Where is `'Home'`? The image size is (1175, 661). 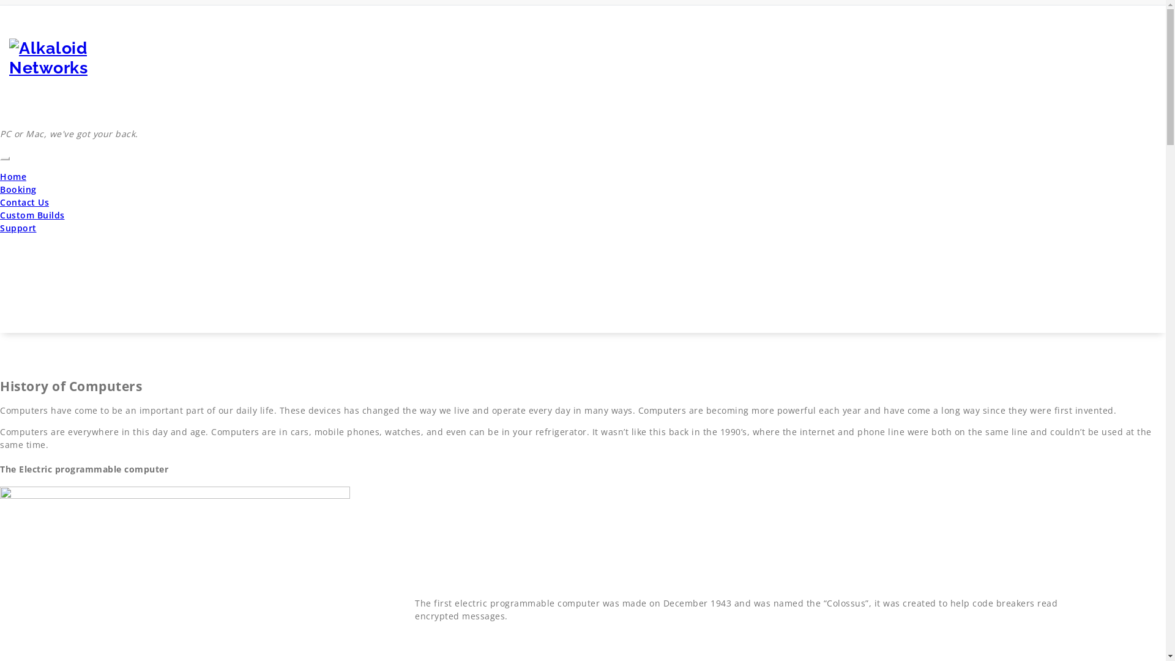
'Home' is located at coordinates (0, 176).